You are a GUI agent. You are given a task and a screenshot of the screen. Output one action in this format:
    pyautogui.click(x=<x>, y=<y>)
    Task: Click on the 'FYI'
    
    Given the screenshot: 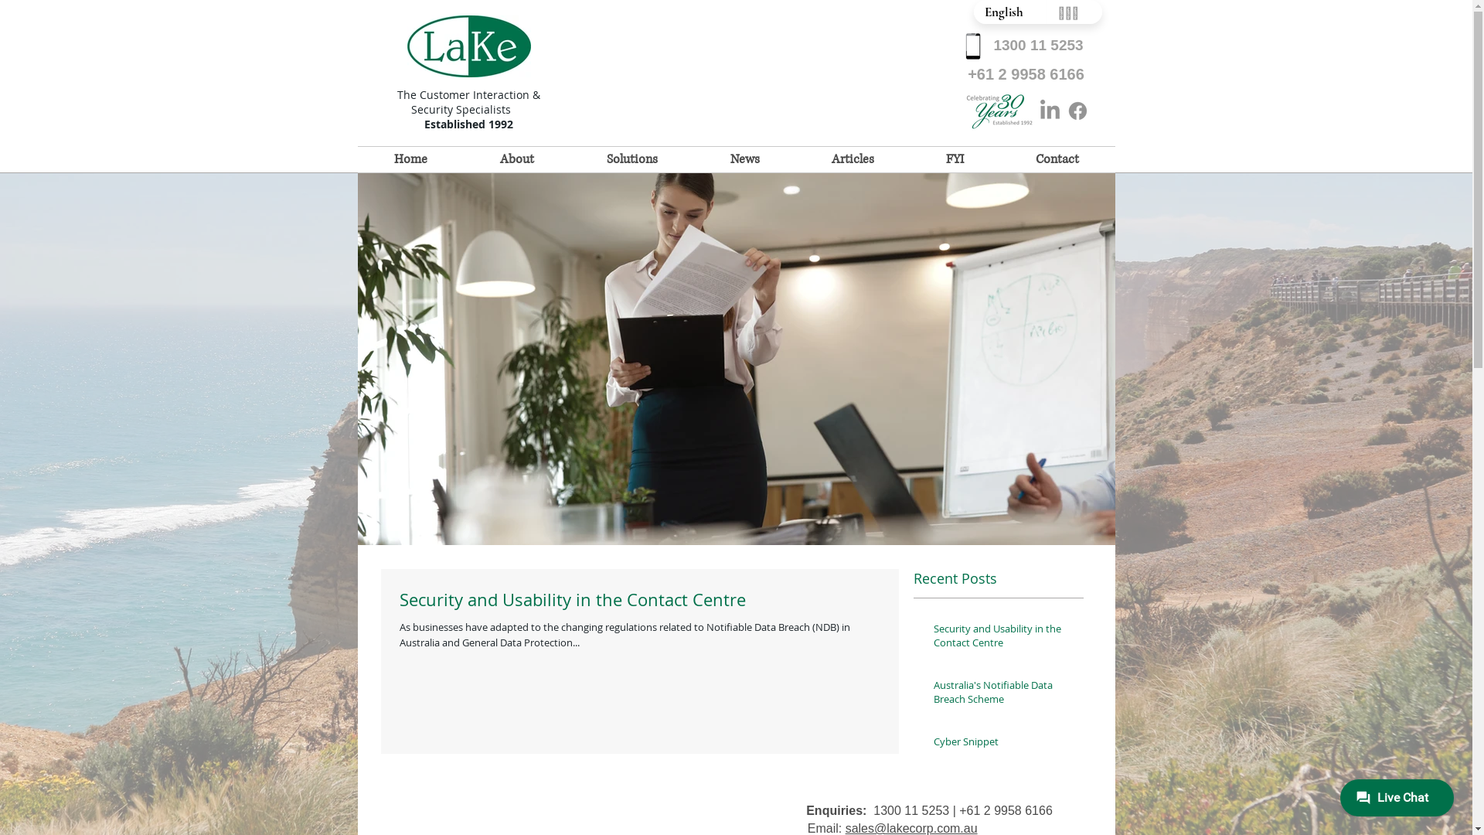 What is the action you would take?
    pyautogui.click(x=955, y=159)
    